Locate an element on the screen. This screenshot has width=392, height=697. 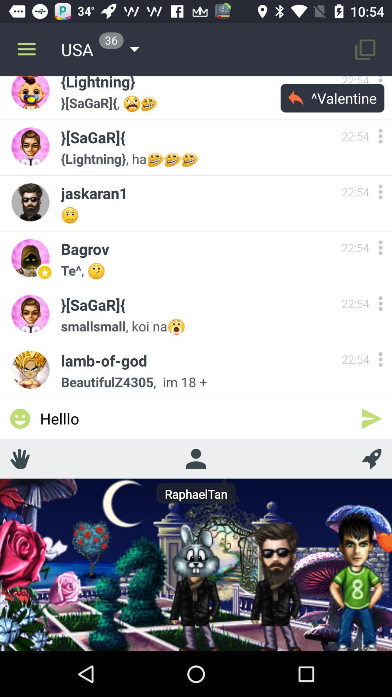
show more options is located at coordinates (380, 303).